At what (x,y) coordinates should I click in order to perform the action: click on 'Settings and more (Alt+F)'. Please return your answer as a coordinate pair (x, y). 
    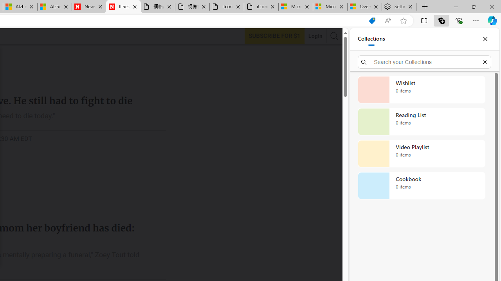
    Looking at the image, I should click on (476, 20).